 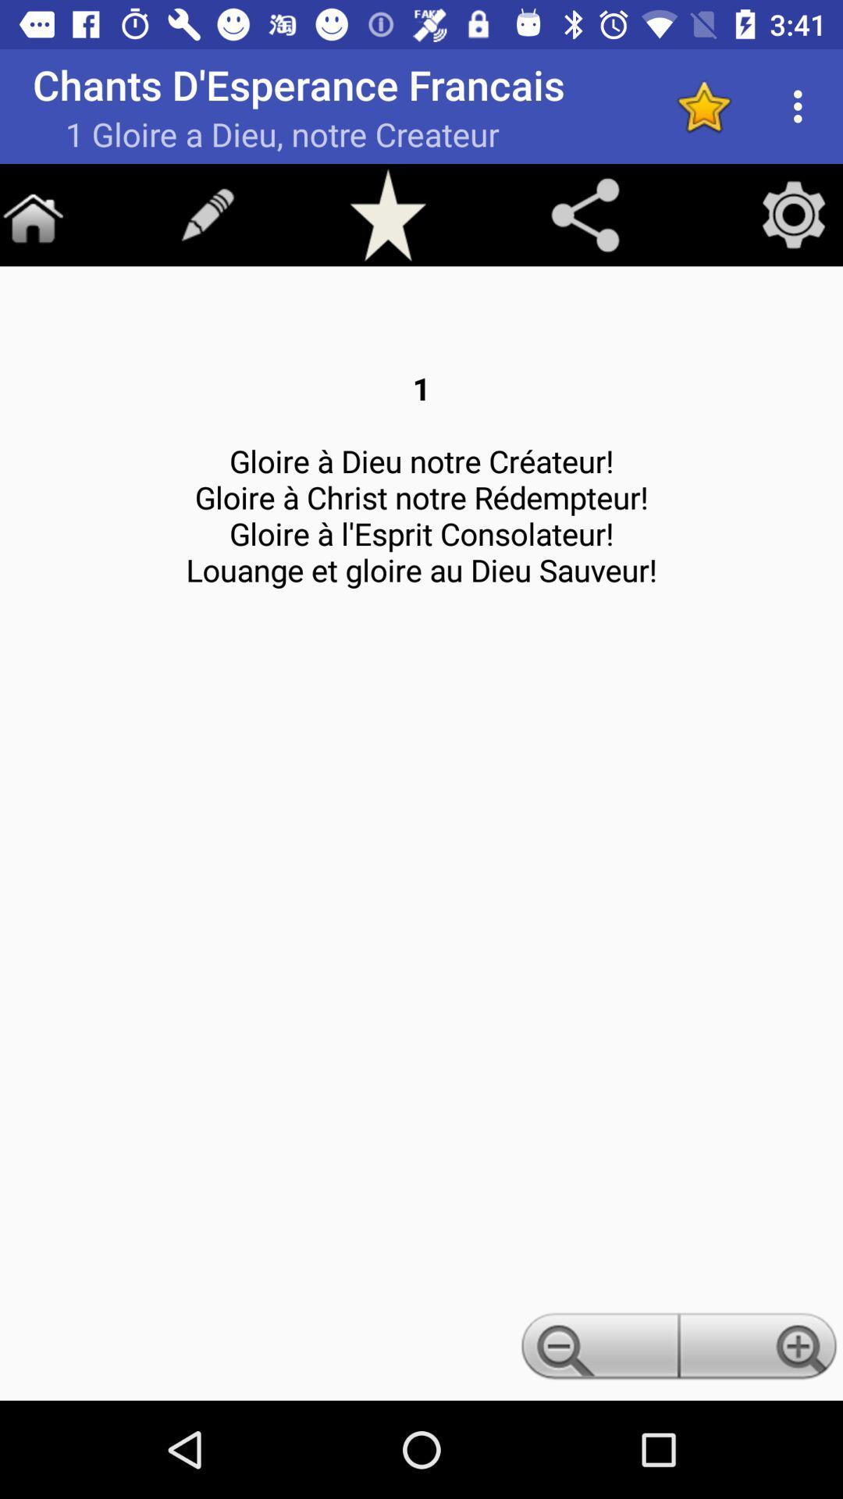 I want to click on the share icon, so click(x=585, y=214).